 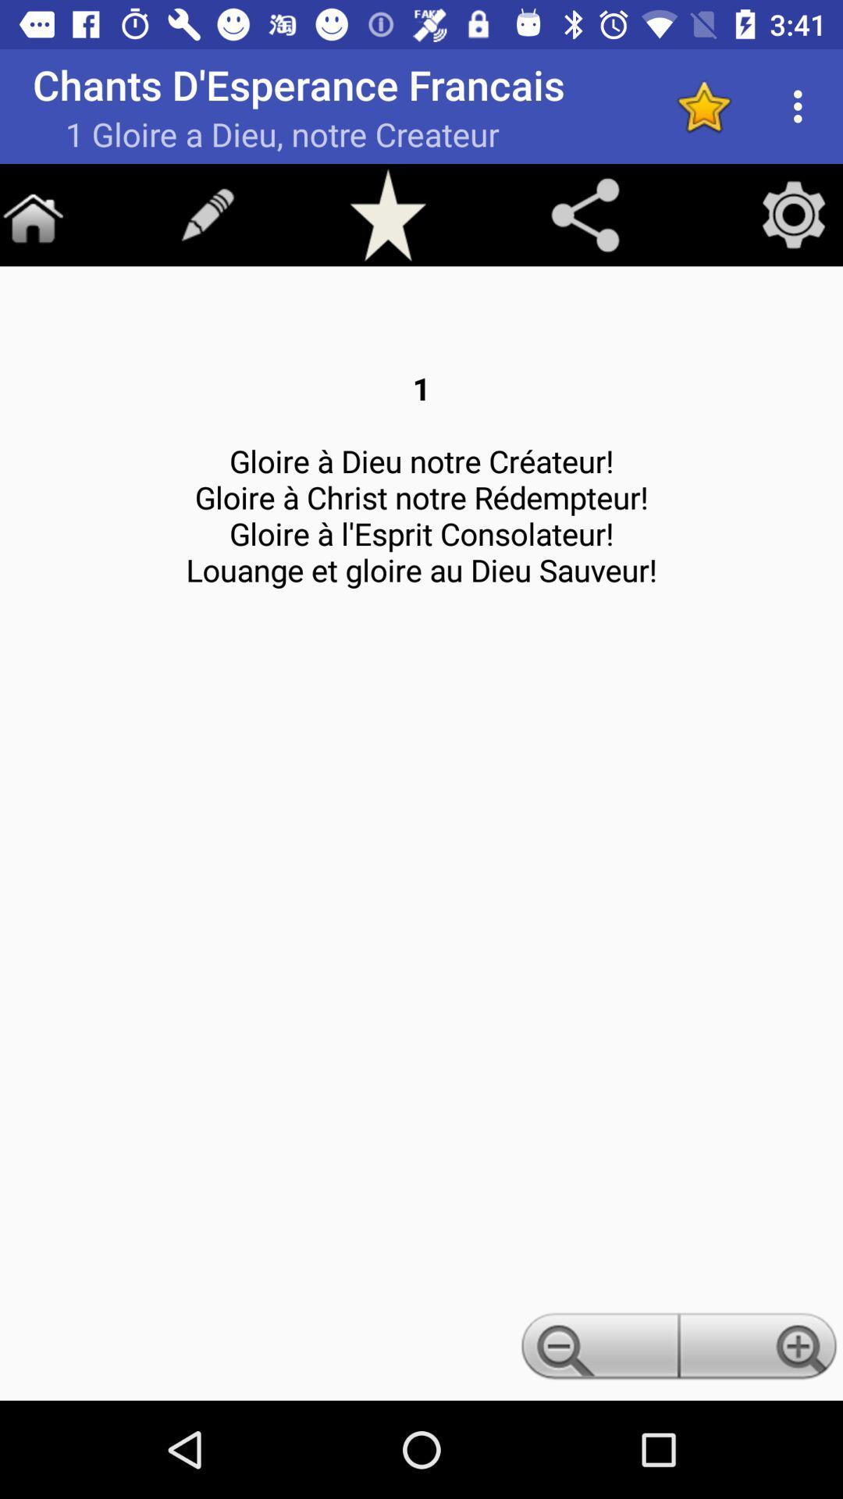 I want to click on the share icon, so click(x=585, y=214).